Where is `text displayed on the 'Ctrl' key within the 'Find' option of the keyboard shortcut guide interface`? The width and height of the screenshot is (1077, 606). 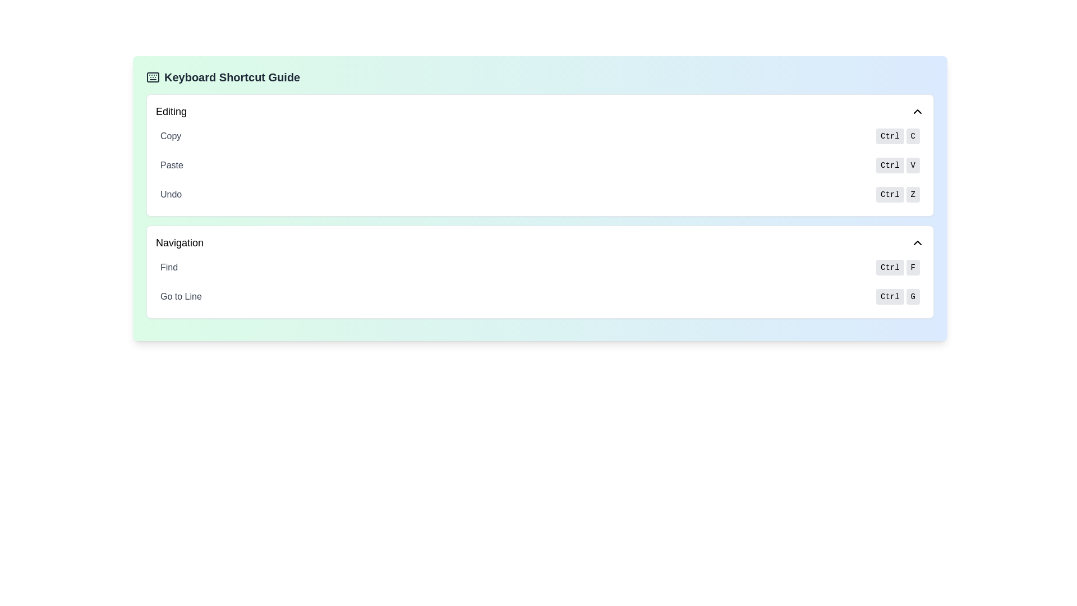 text displayed on the 'Ctrl' key within the 'Find' option of the keyboard shortcut guide interface is located at coordinates (889, 268).